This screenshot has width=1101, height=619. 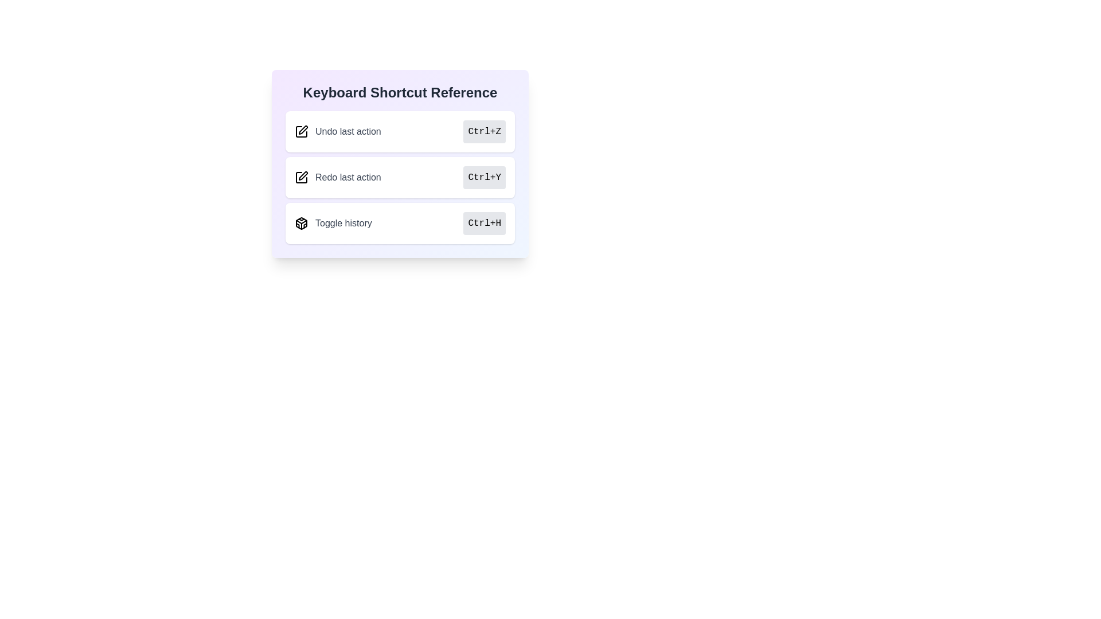 What do you see at coordinates (485, 223) in the screenshot?
I see `text content of the text-label displaying the keyboard shortcut 'Ctrl+H' associated with the 'Toggle history' action, located in the interactive area for keyboard shortcuts` at bounding box center [485, 223].